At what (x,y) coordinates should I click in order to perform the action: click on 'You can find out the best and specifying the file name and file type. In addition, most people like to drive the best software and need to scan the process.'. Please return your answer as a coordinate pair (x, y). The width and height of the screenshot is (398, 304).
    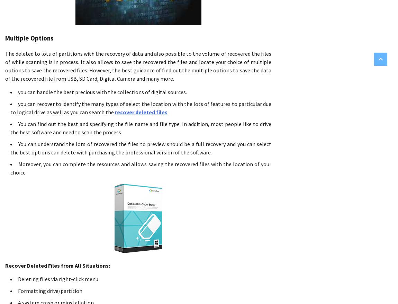
    Looking at the image, I should click on (141, 127).